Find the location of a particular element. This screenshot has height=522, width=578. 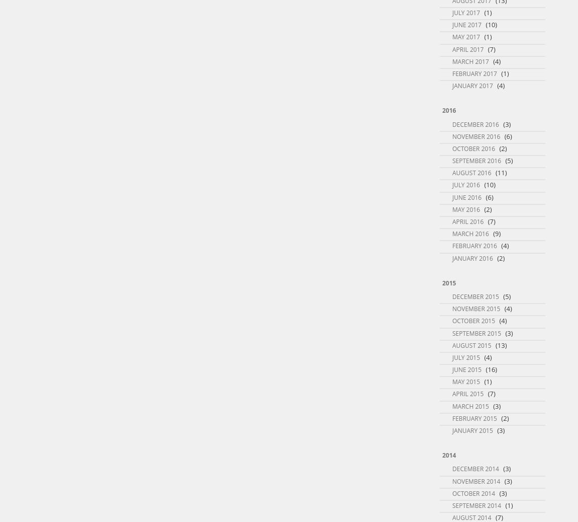

'2016' is located at coordinates (449, 110).